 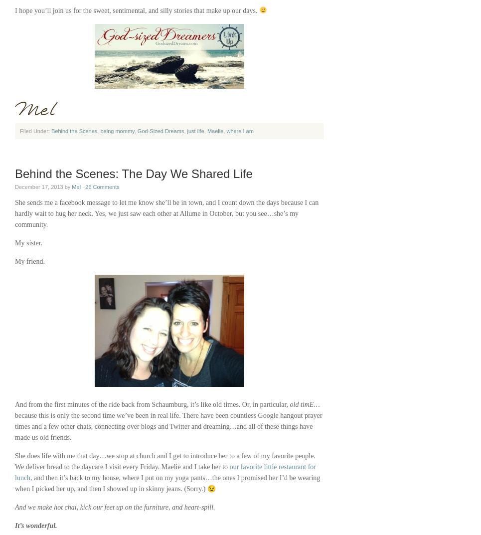 What do you see at coordinates (186, 130) in the screenshot?
I see `'just life'` at bounding box center [186, 130].